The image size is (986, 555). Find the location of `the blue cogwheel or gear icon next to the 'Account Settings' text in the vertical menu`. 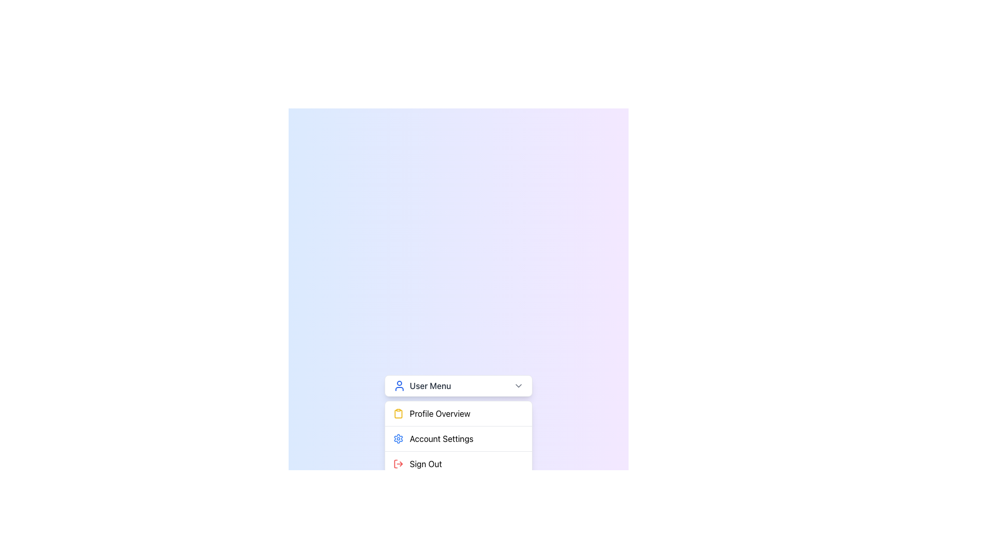

the blue cogwheel or gear icon next to the 'Account Settings' text in the vertical menu is located at coordinates (398, 438).